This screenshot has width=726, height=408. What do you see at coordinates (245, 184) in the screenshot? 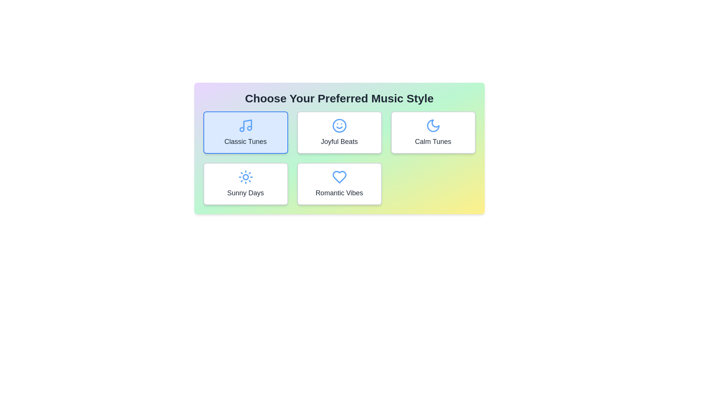
I see `the button labeled 'Sunny Days' which features a sun icon and is located in the bottom-left quadrant of the grid layout` at bounding box center [245, 184].